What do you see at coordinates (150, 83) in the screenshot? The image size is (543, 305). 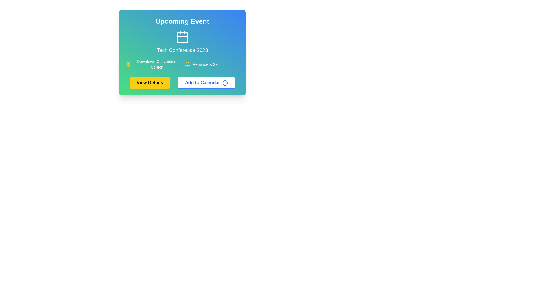 I see `the button that navigates to the detailed view of the event, positioned on the left side of the layout adjacent to the 'Add to Calendar' button` at bounding box center [150, 83].